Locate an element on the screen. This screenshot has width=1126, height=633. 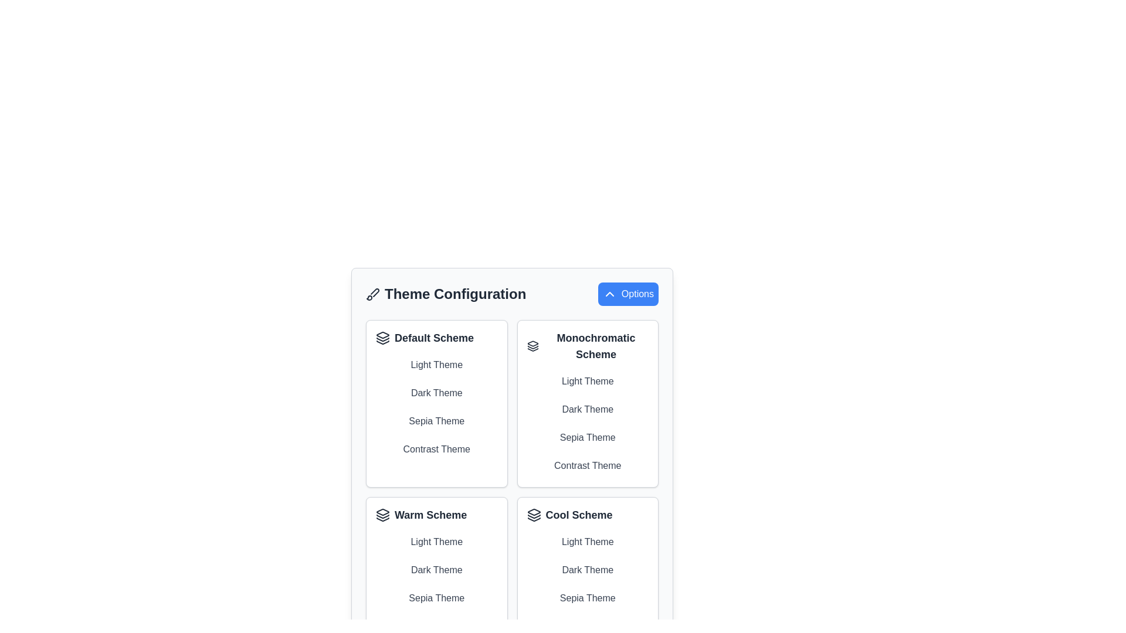
the brush icon located in the 'Theme Configuration' header section is located at coordinates (372, 293).